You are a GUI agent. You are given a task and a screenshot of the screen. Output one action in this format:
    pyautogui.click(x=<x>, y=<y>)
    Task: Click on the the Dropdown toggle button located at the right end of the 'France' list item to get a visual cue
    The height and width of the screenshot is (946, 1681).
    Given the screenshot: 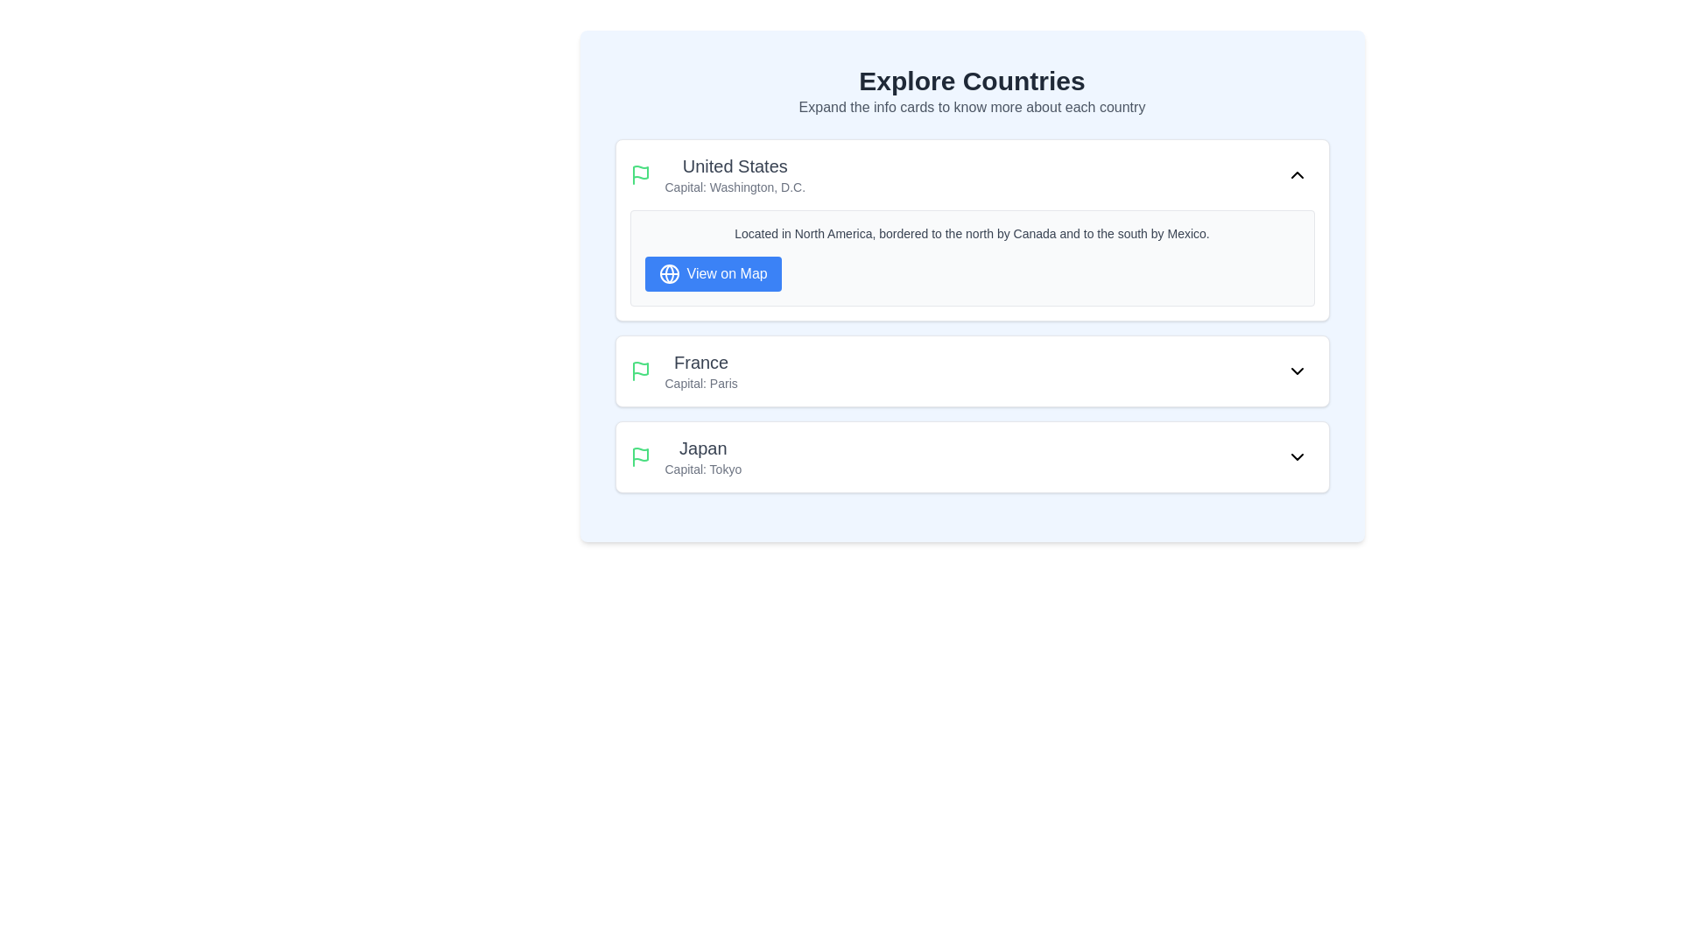 What is the action you would take?
    pyautogui.click(x=1297, y=371)
    